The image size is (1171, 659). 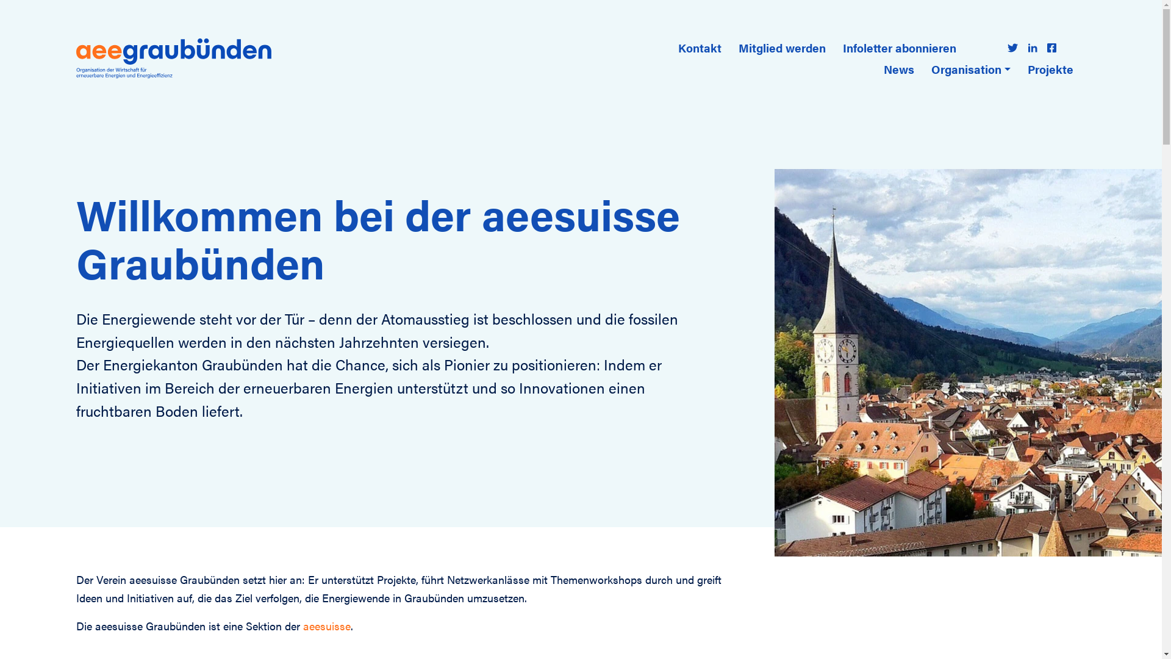 What do you see at coordinates (700, 47) in the screenshot?
I see `'Kontakt'` at bounding box center [700, 47].